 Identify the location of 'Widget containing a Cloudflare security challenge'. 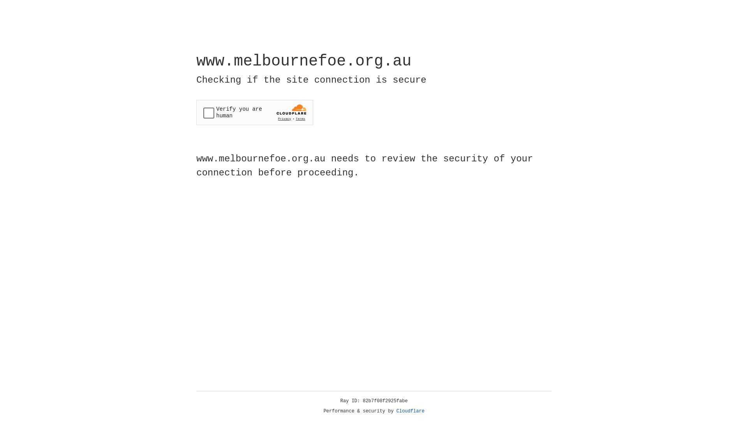
(254, 112).